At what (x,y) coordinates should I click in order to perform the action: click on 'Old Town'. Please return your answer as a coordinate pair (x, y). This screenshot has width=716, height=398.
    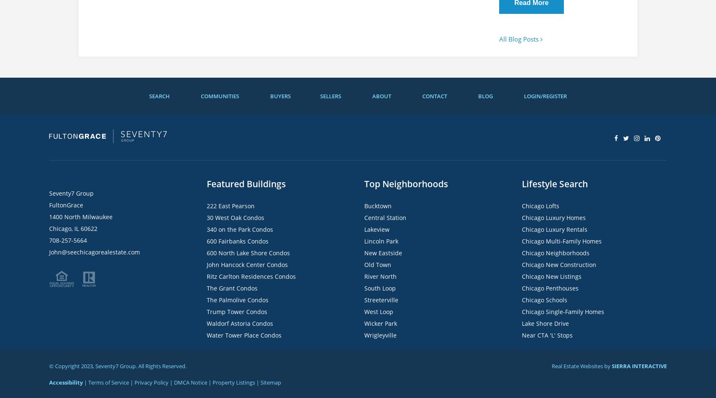
    Looking at the image, I should click on (364, 264).